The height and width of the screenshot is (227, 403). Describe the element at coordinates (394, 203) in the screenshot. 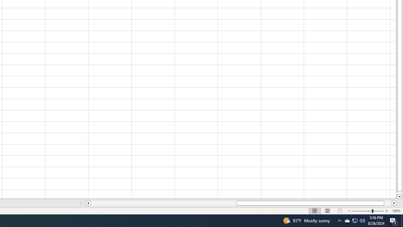

I see `'Column right'` at that location.